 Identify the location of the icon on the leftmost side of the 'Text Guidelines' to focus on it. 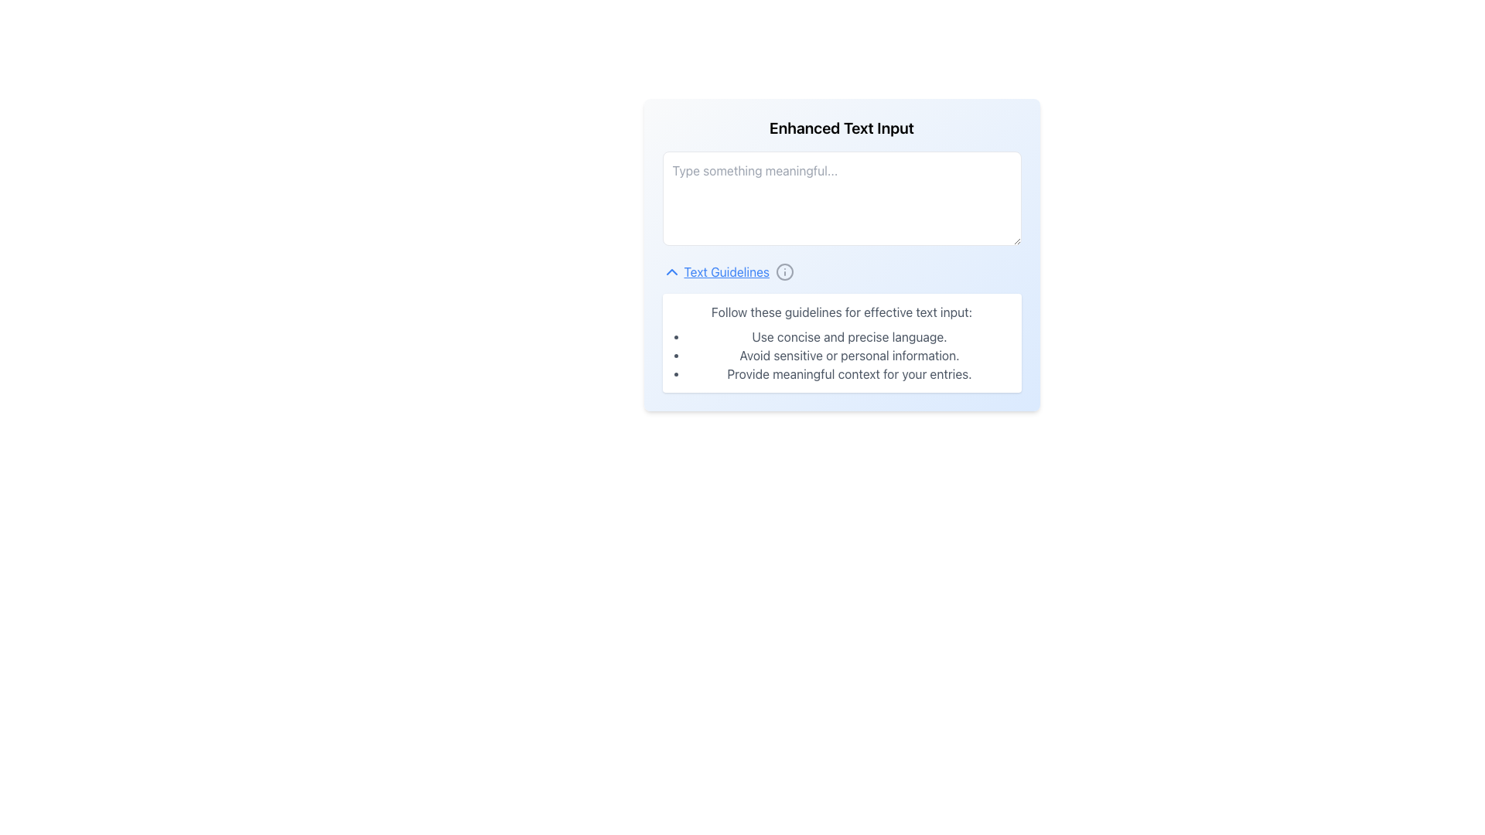
(671, 271).